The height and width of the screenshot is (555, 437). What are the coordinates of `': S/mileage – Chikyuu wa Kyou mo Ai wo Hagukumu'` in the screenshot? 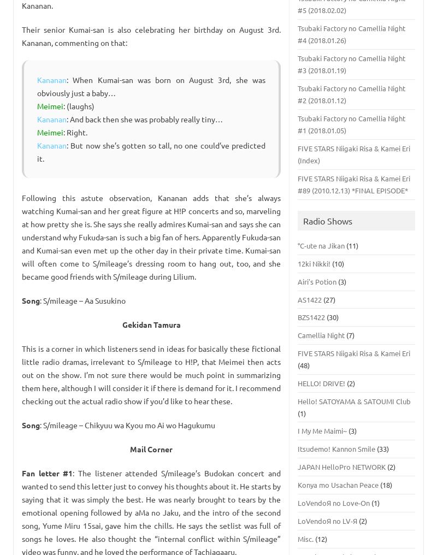 It's located at (39, 424).